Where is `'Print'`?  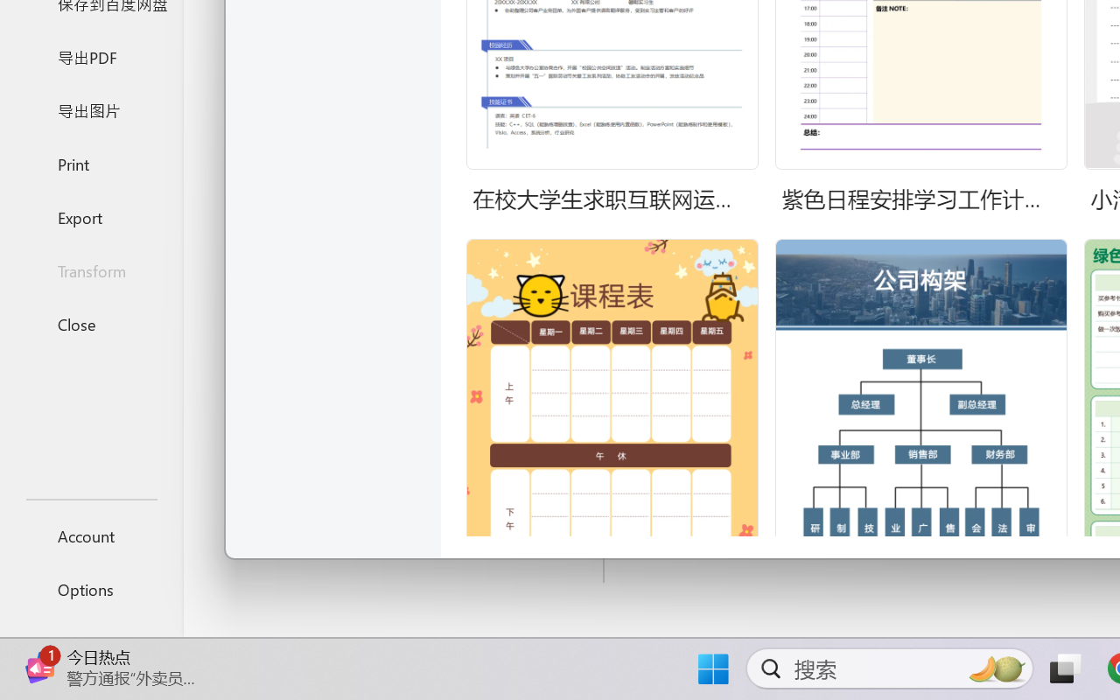
'Print' is located at coordinates (90, 163).